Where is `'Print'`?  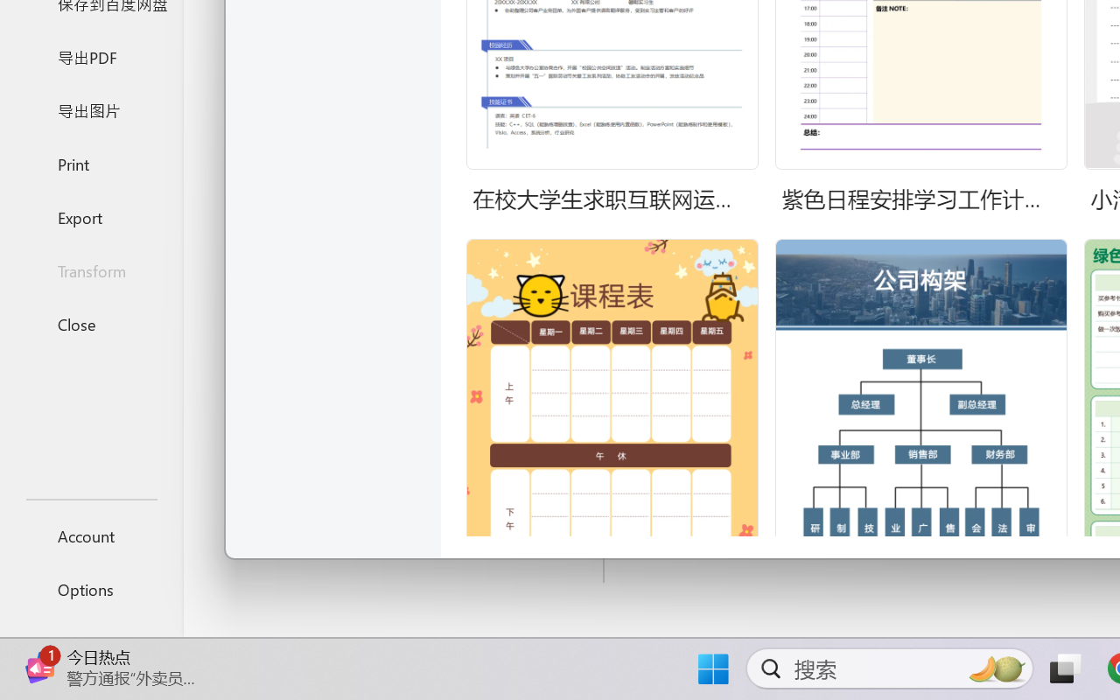
'Print' is located at coordinates (90, 163).